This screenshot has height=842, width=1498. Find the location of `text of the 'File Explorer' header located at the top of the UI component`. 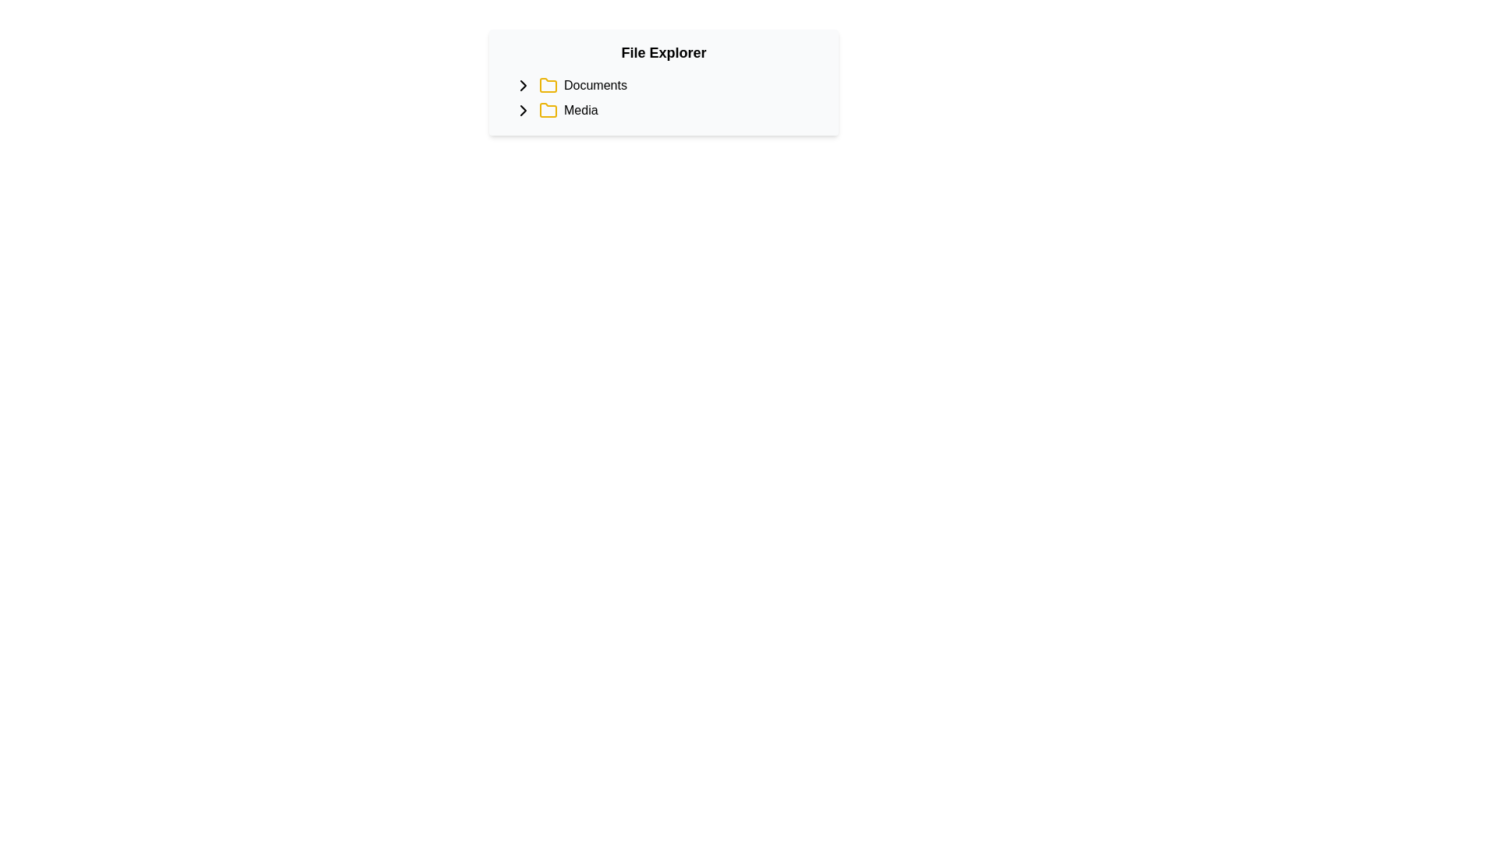

text of the 'File Explorer' header located at the top of the UI component is located at coordinates (663, 52).